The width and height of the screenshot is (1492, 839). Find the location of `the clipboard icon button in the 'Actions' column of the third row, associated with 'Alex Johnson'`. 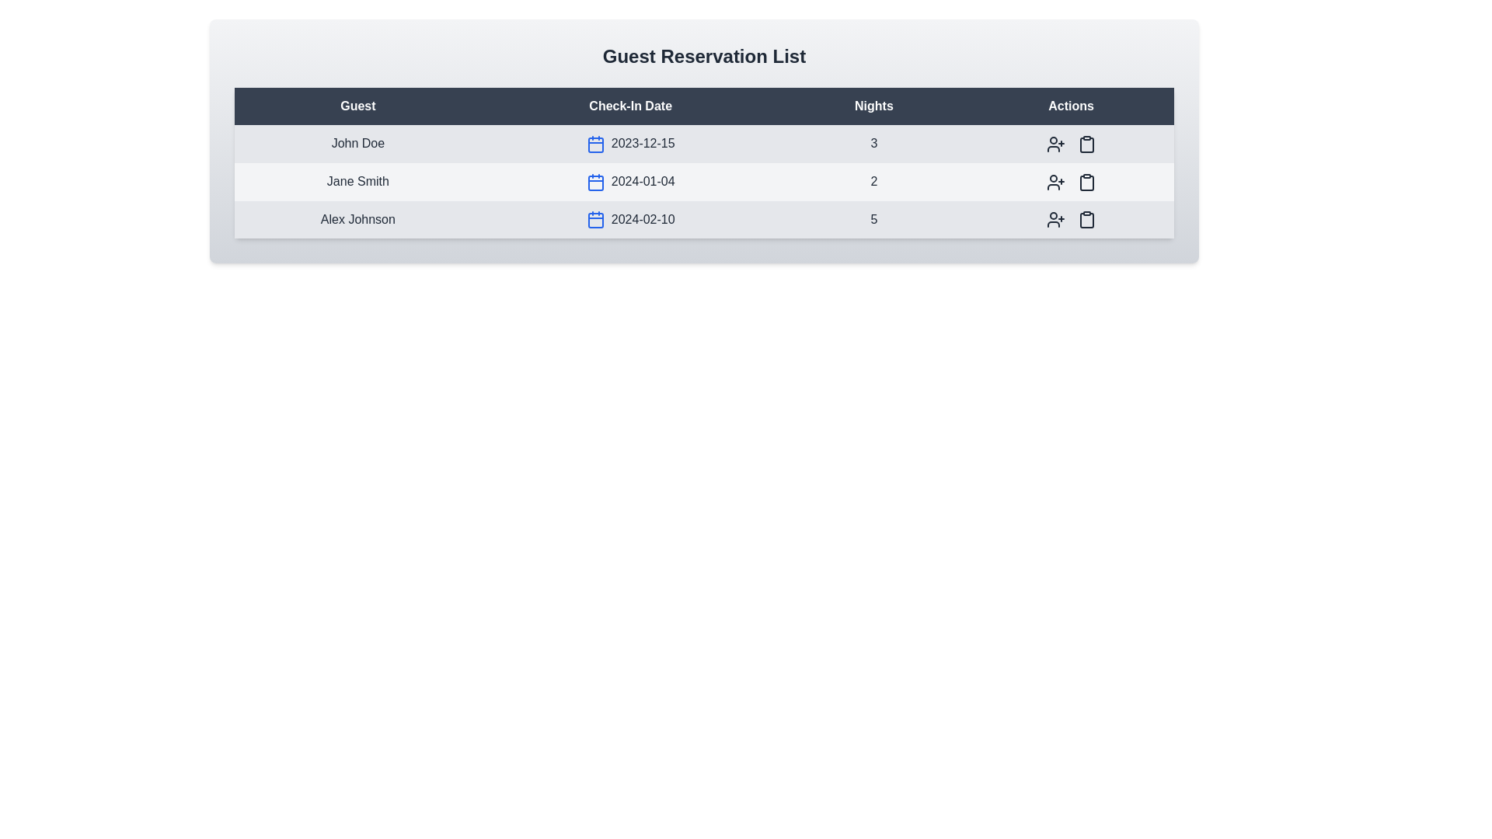

the clipboard icon button in the 'Actions' column of the third row, associated with 'Alex Johnson' is located at coordinates (1086, 219).